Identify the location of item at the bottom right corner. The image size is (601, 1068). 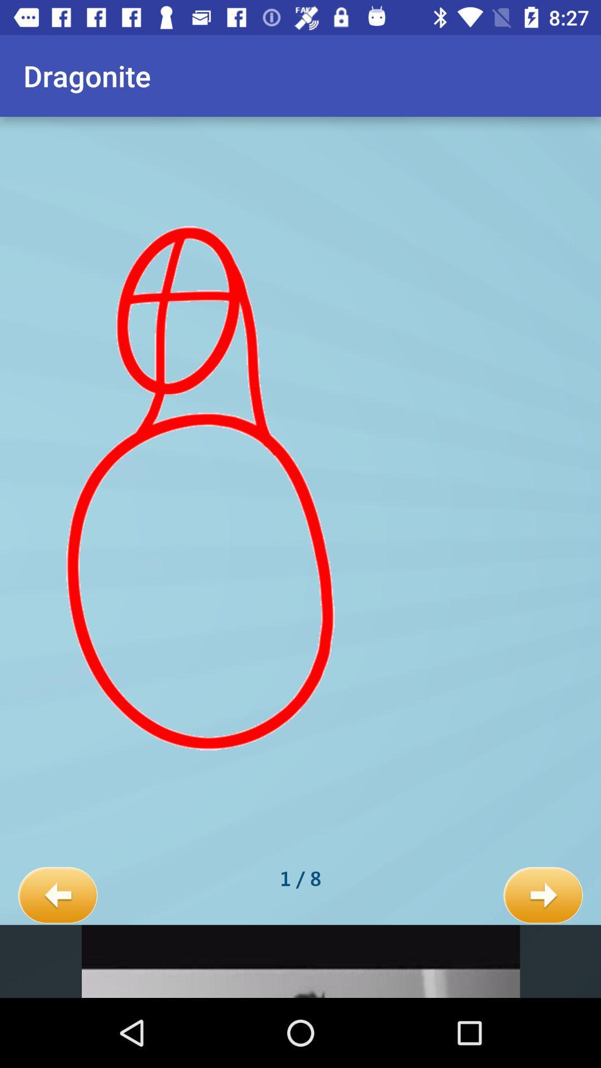
(543, 896).